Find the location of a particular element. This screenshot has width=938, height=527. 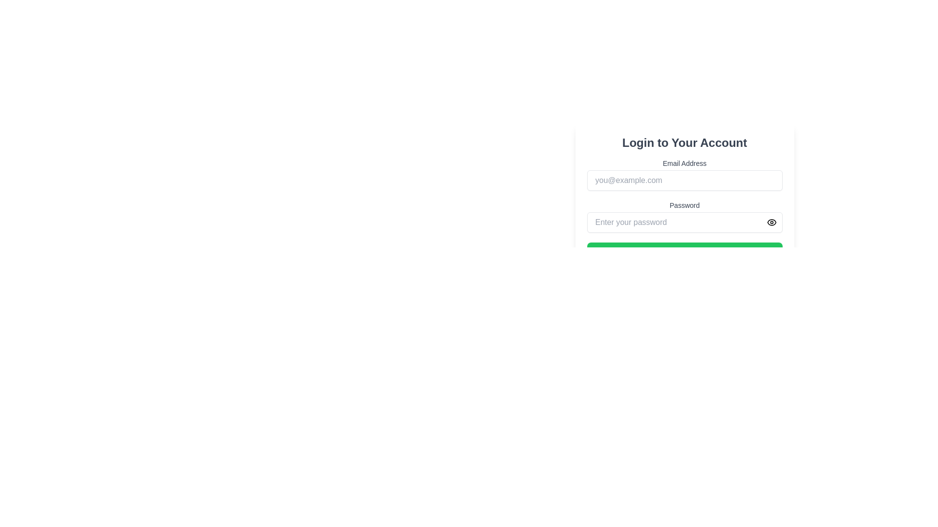

the eye icon used to toggle password visibility in the Password input field area, located at the right side of the input is located at coordinates (771, 222).